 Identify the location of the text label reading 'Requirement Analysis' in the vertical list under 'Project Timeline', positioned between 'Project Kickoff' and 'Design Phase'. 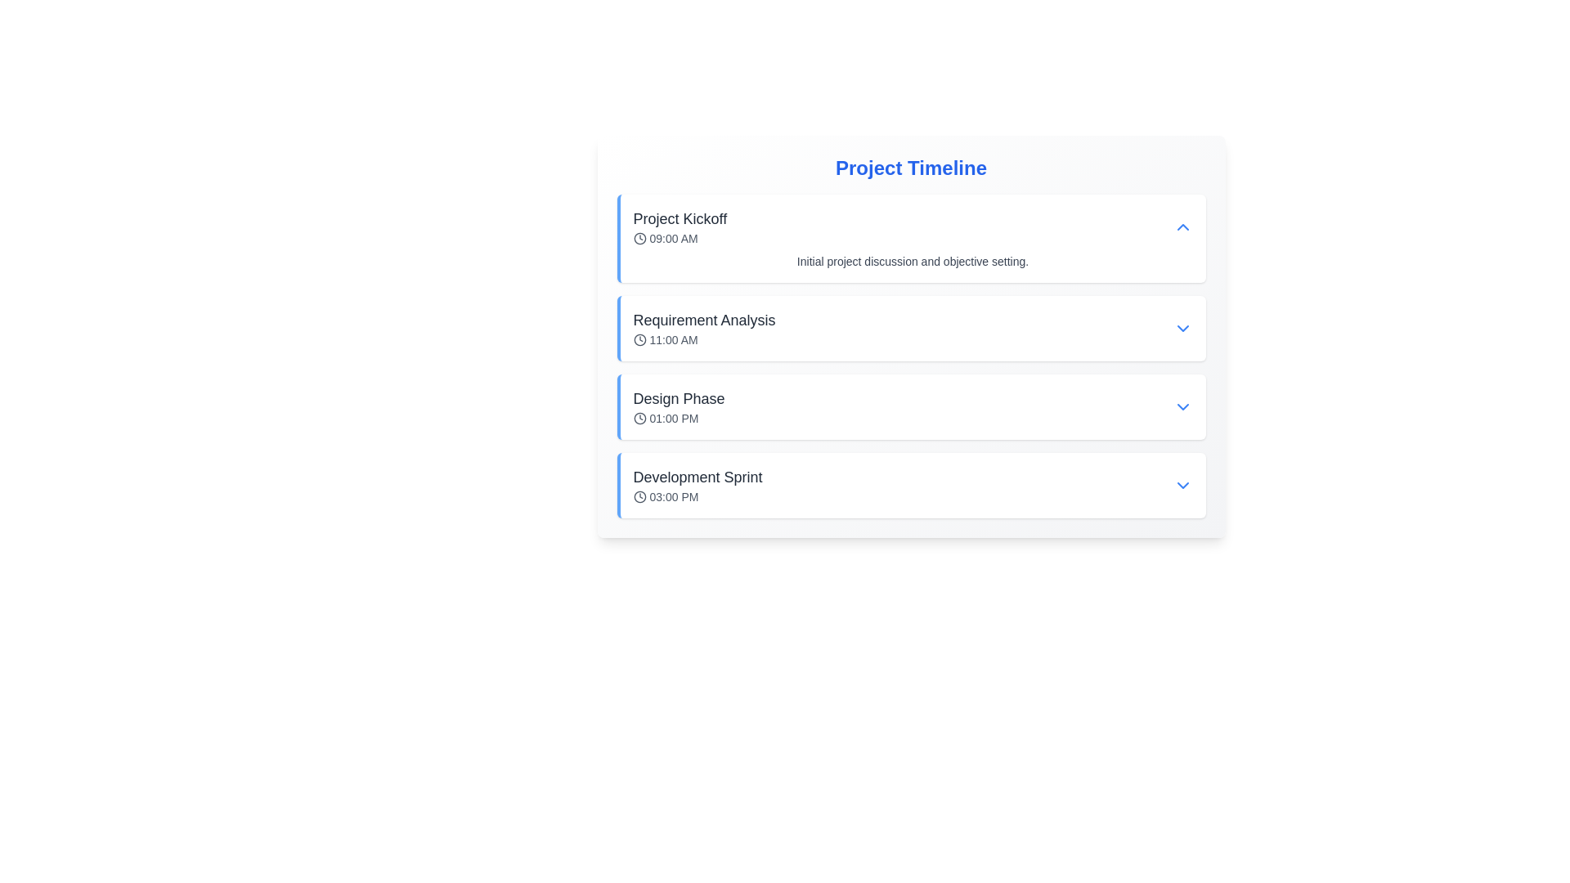
(704, 320).